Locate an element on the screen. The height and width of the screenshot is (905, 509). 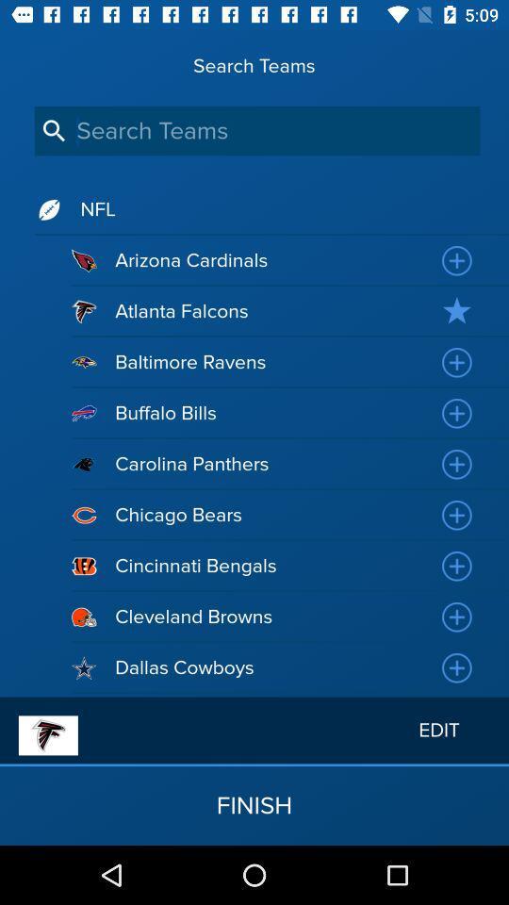
search teams is located at coordinates (256, 130).